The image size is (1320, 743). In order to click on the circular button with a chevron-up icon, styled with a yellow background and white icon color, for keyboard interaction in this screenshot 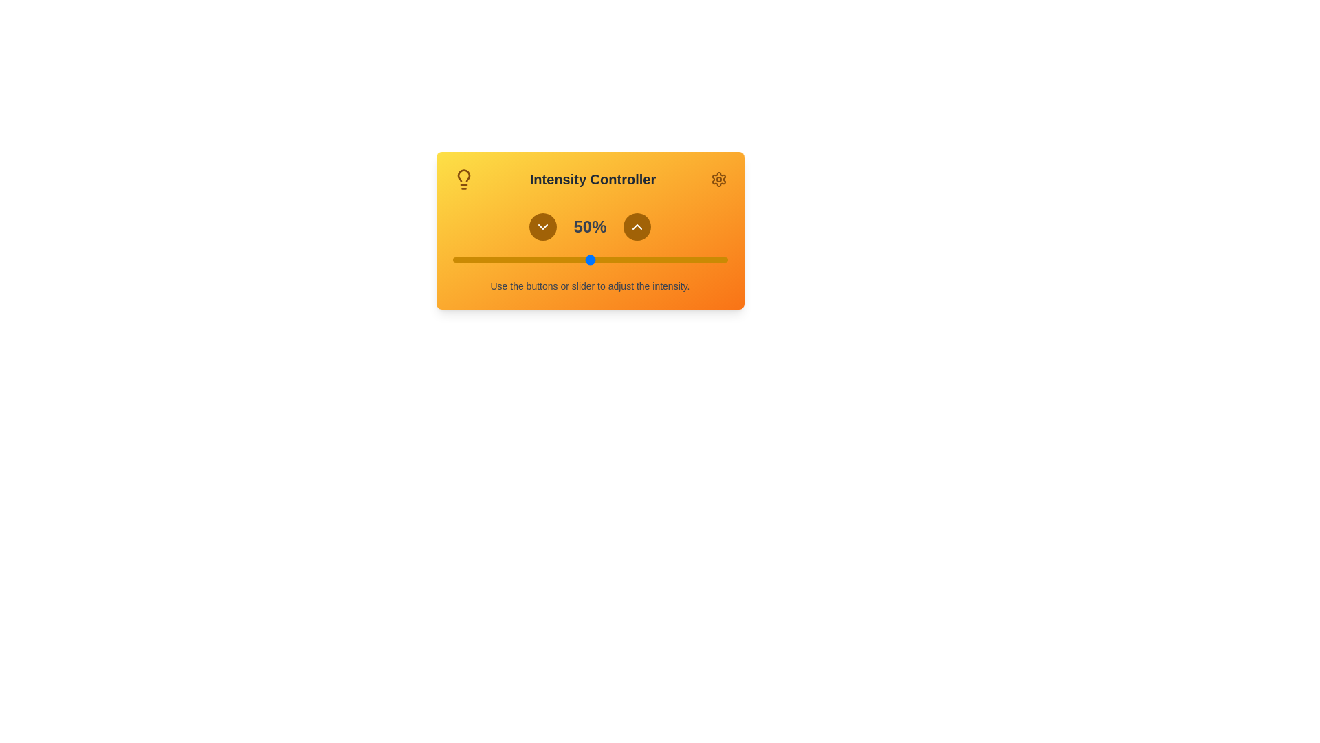, I will do `click(636, 226)`.